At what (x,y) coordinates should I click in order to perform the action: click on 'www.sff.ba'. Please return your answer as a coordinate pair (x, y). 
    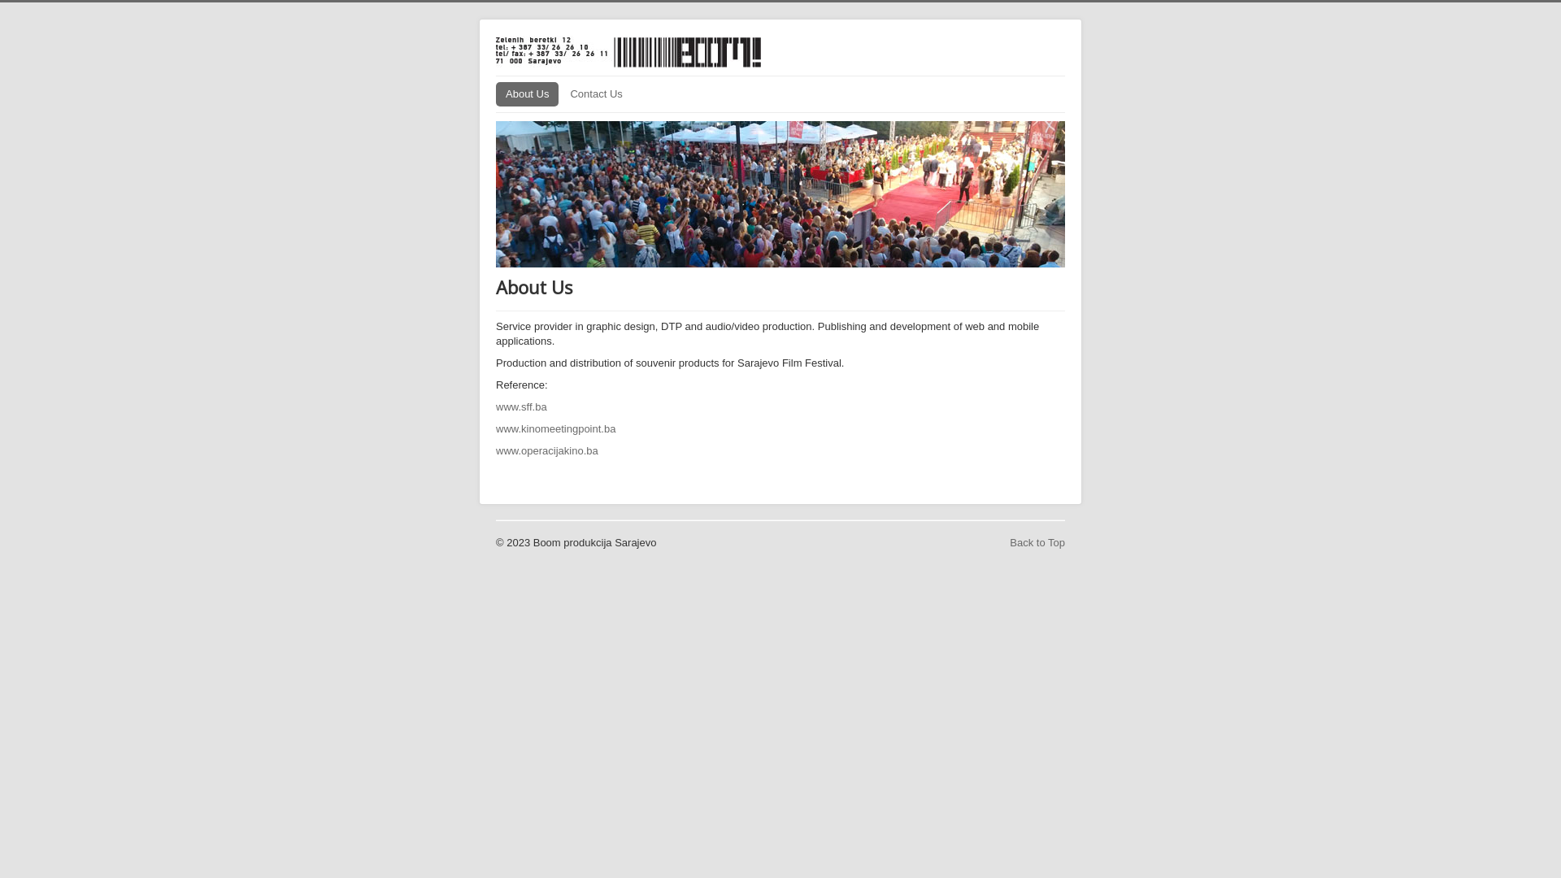
    Looking at the image, I should click on (521, 406).